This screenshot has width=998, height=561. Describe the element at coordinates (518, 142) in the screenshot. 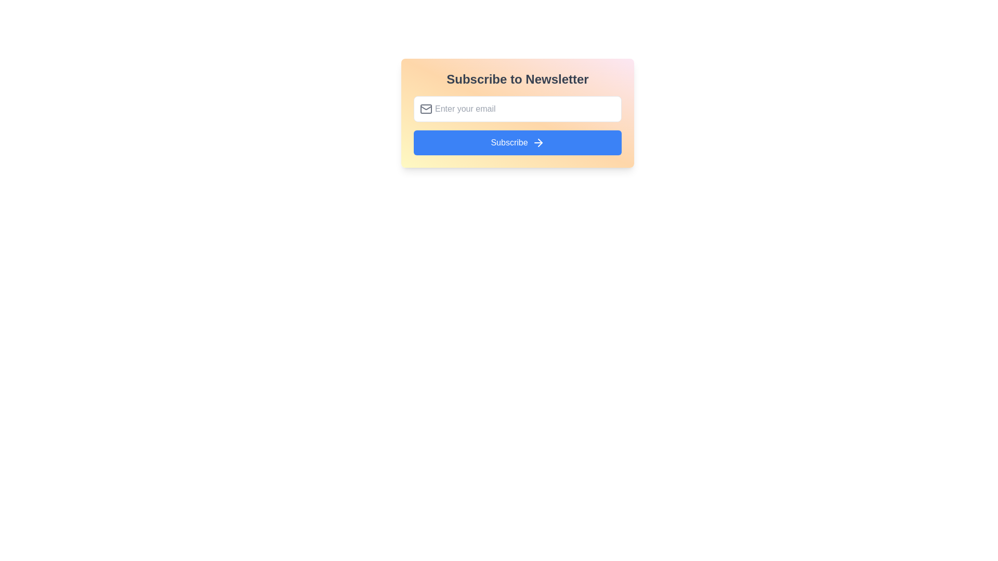

I see `the blue 'Subscribe' button with white text and a right-arrow icon` at that location.